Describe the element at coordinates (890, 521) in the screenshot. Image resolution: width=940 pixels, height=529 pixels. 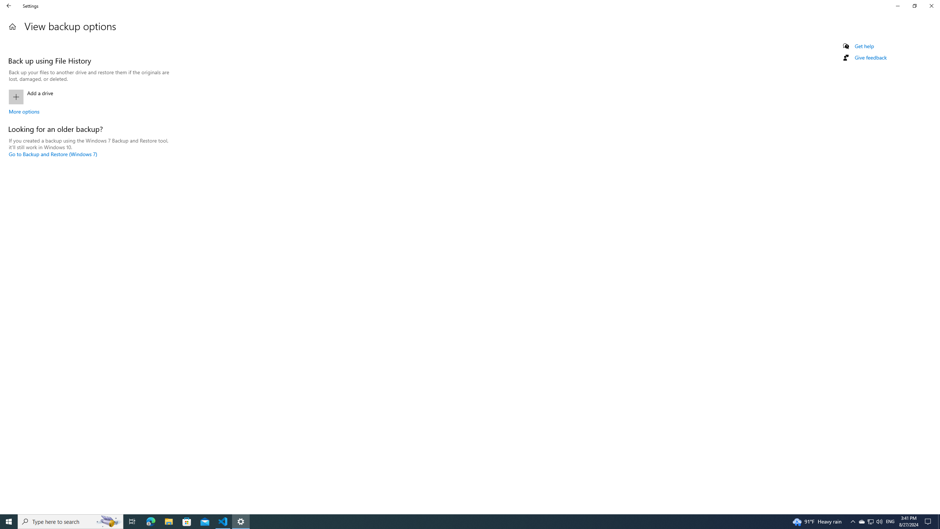
I see `'Tray Input Indicator - English (United States)'` at that location.